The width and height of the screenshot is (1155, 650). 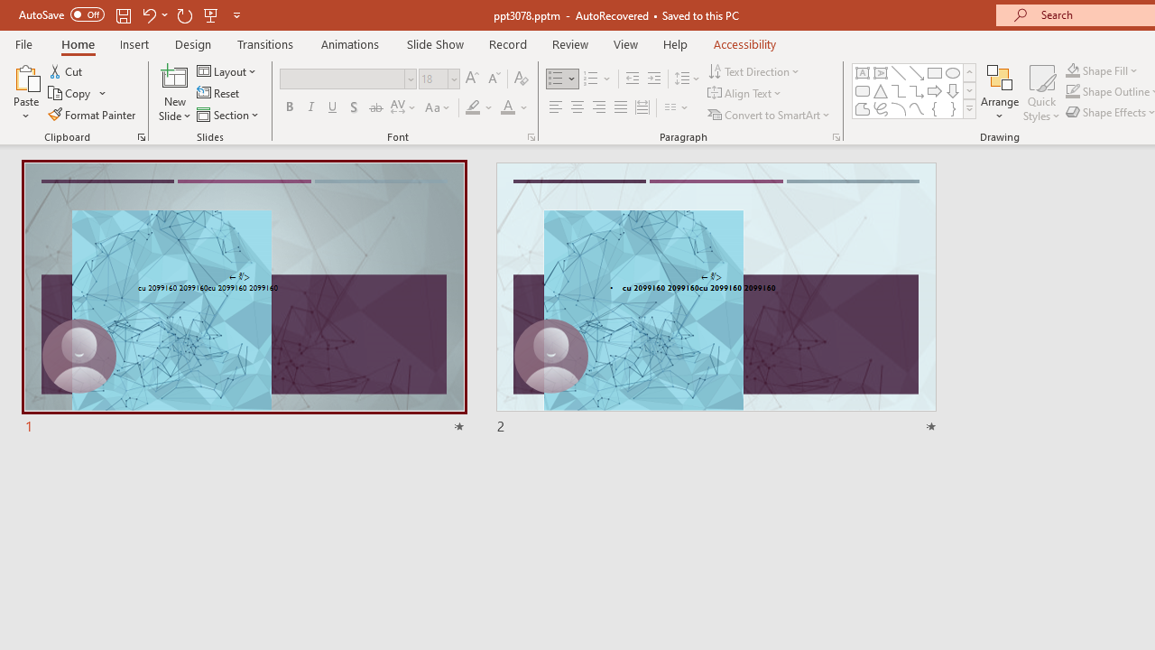 I want to click on 'Copy', so click(x=70, y=93).